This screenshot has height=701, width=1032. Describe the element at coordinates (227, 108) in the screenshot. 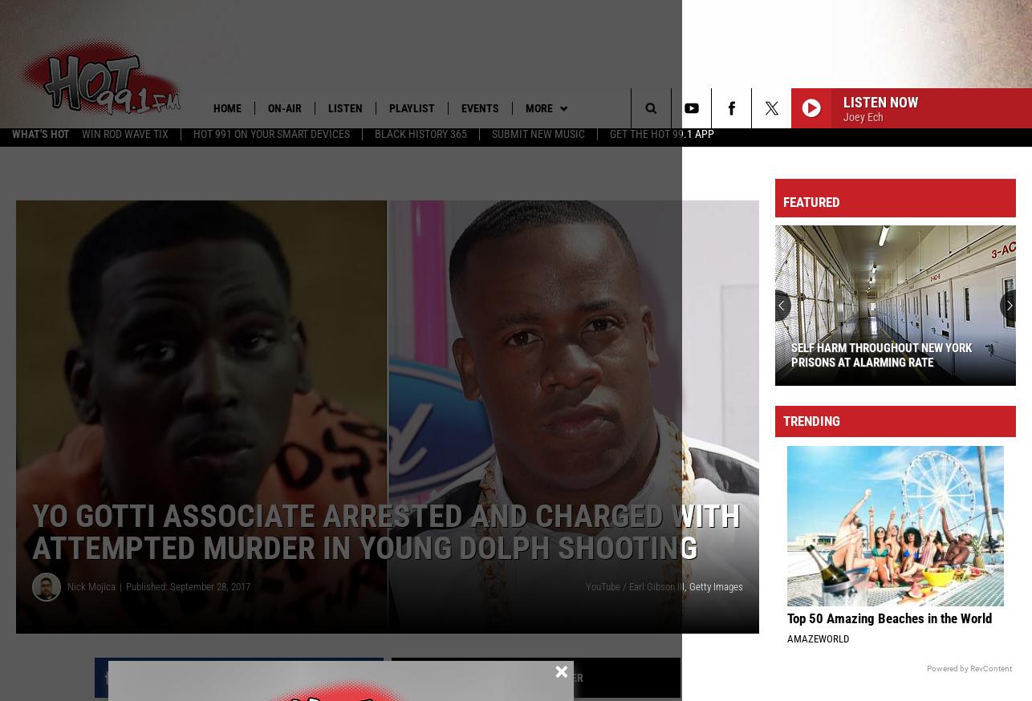

I see `'Home'` at that location.